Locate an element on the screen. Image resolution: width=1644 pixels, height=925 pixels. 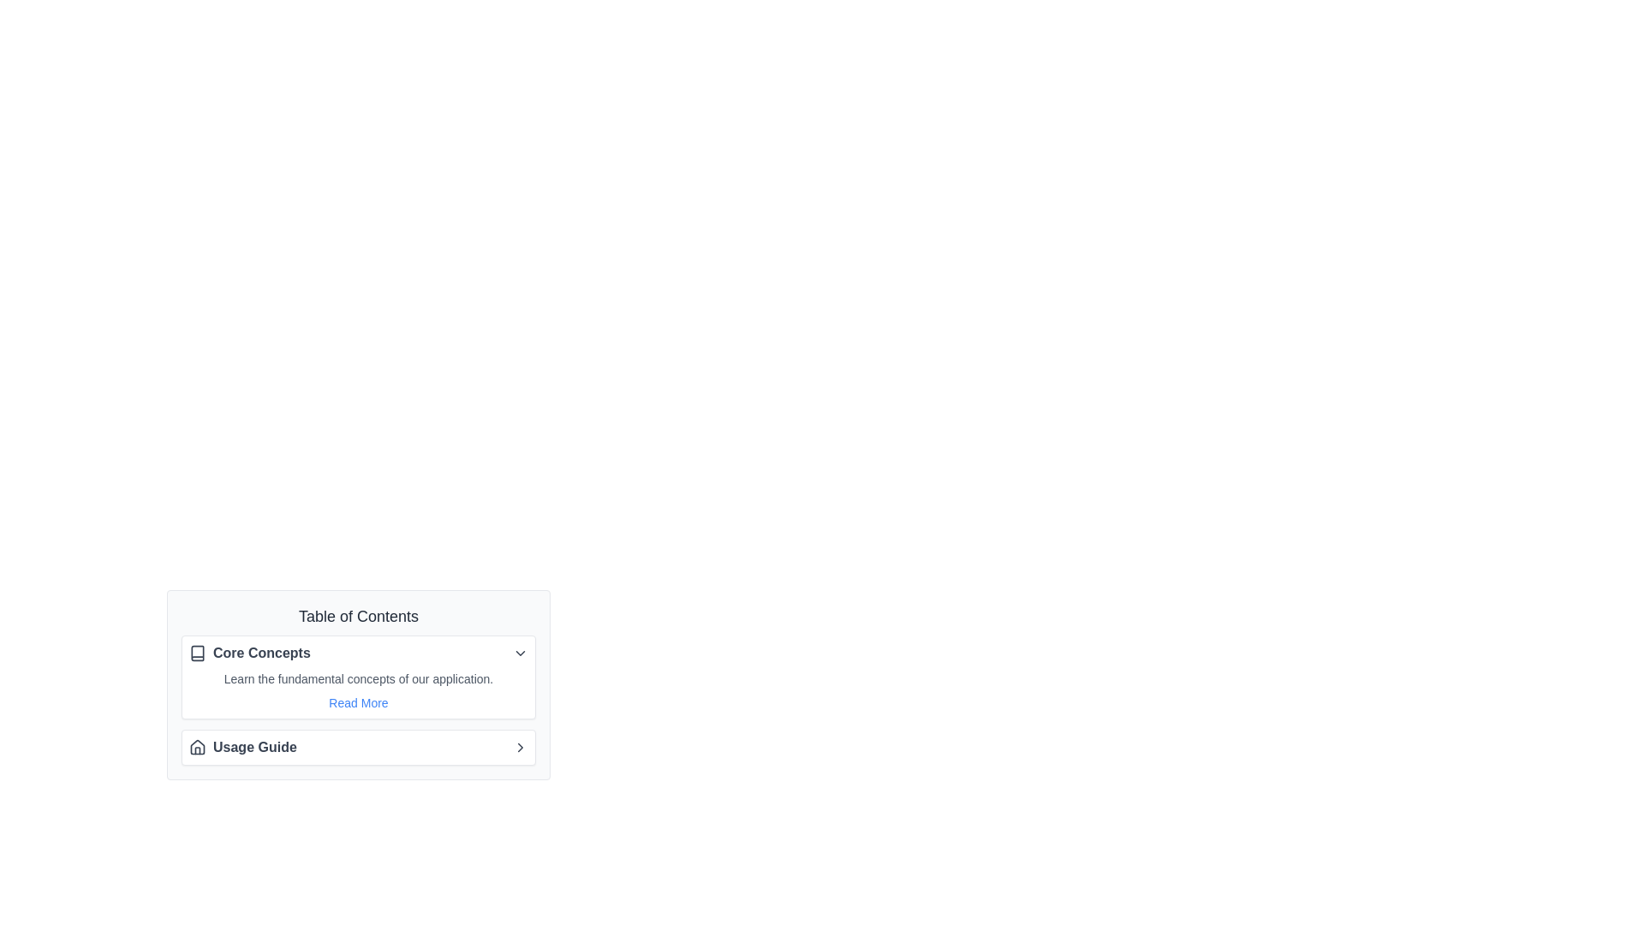
the top content card within the 'Table of Contents' section that provides a brief introduction to core concepts and includes a link for further reading is located at coordinates (357, 683).